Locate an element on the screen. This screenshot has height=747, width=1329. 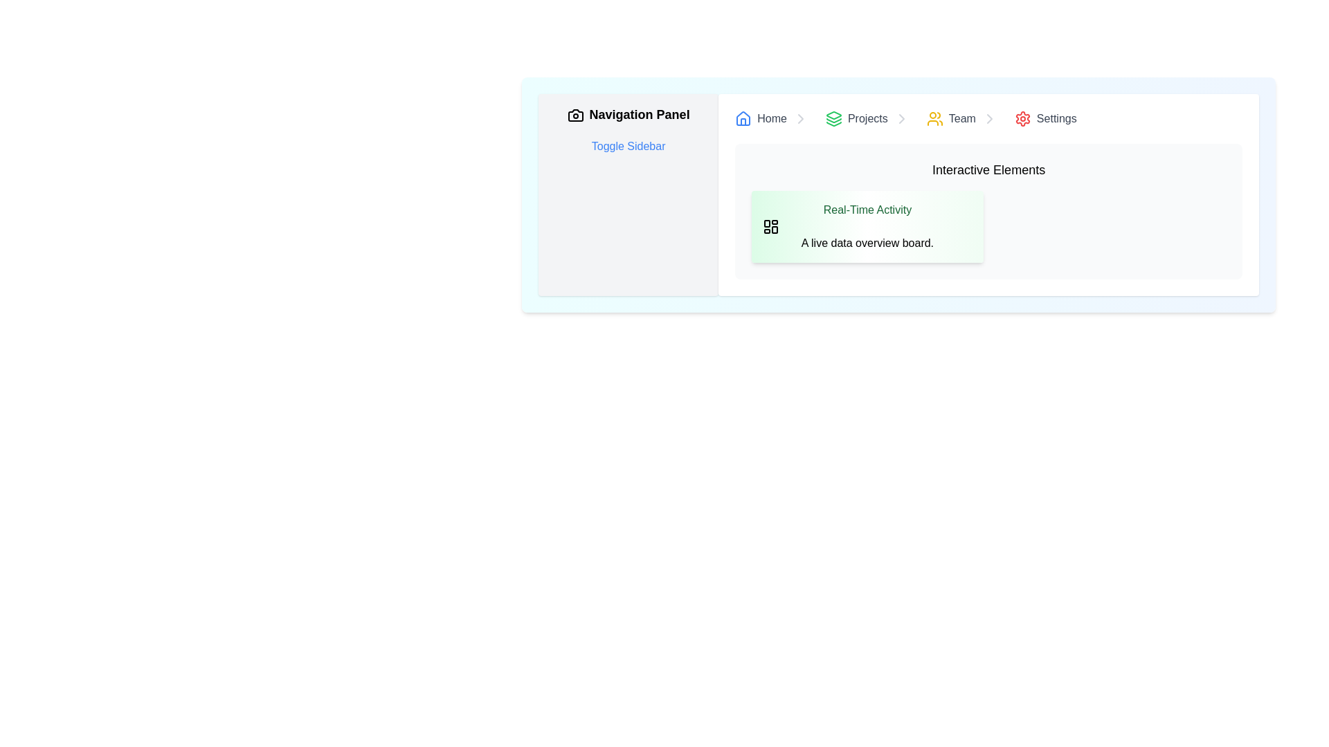
the 'Projects' icon in the navigation bar, which is the second item from the left, following the 'Home' icon/link is located at coordinates (833, 118).